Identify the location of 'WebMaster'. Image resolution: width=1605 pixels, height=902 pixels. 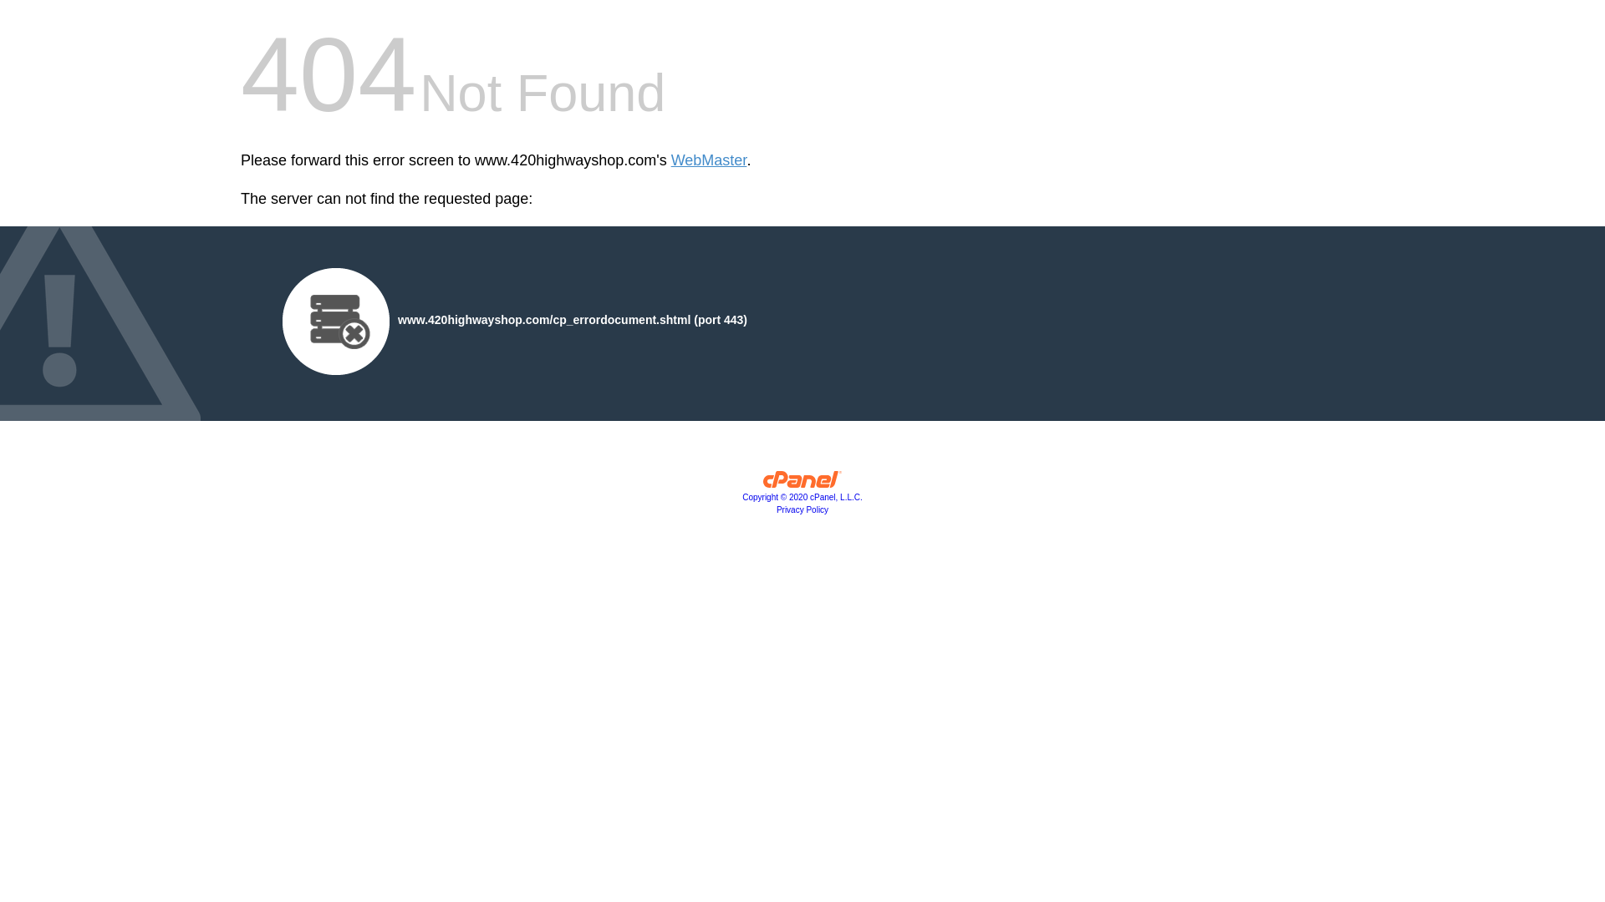
(709, 160).